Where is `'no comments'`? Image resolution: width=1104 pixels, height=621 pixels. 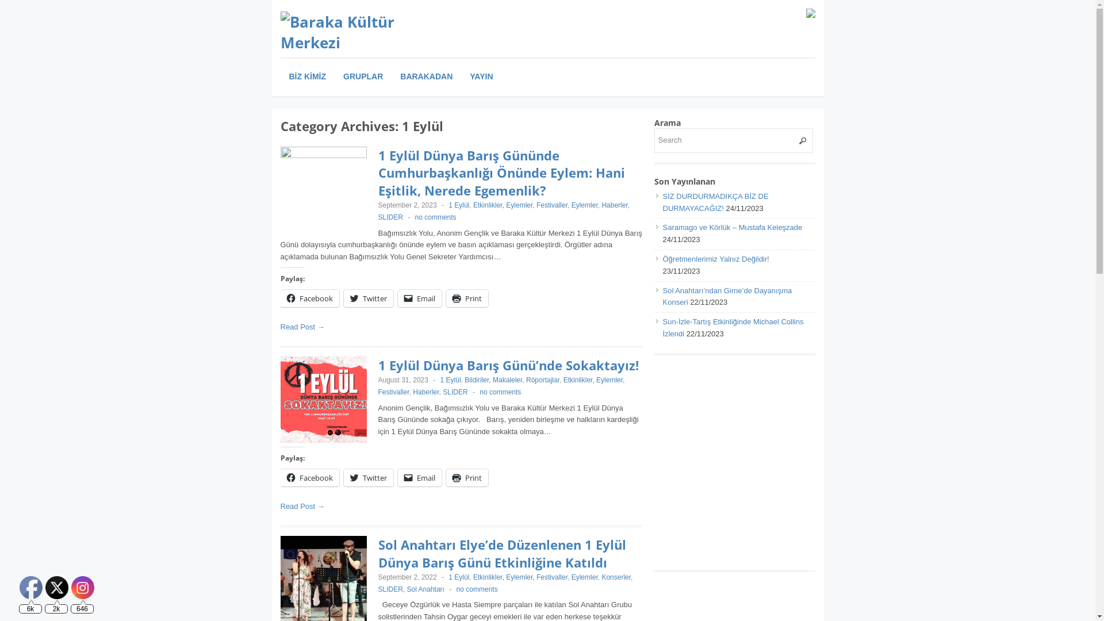 'no comments' is located at coordinates (500, 392).